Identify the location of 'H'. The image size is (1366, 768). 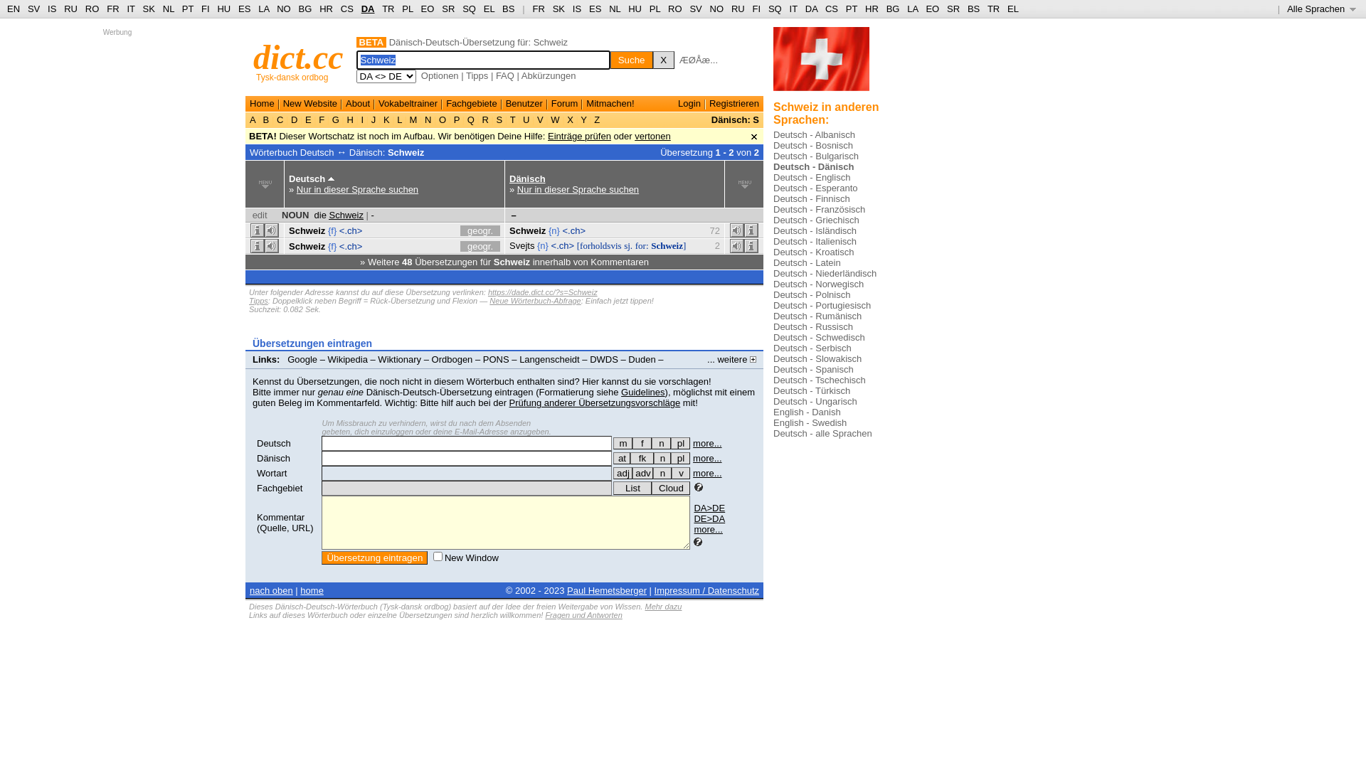
(350, 119).